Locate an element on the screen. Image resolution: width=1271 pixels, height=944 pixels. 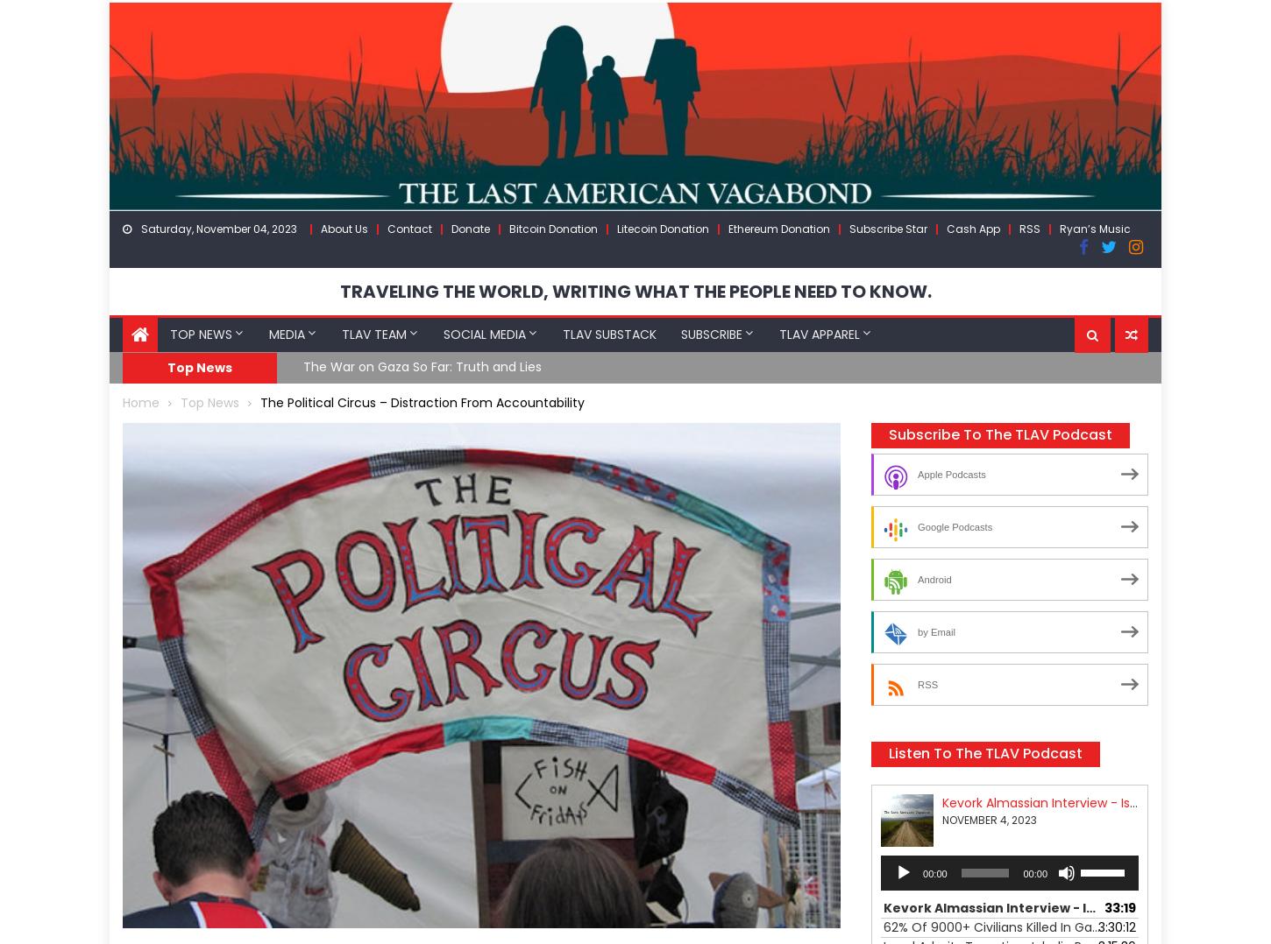
'Top News' is located at coordinates (198, 366).